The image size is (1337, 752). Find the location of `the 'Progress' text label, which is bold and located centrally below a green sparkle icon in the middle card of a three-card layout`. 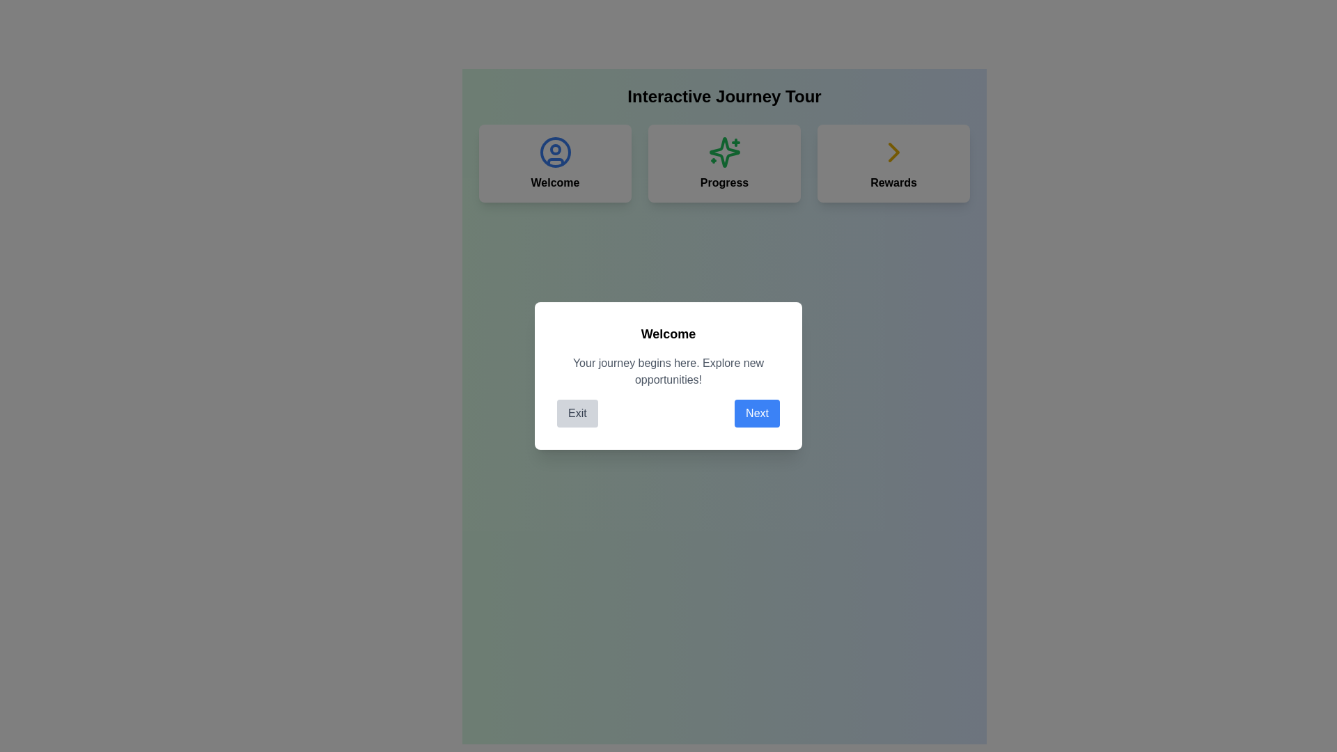

the 'Progress' text label, which is bold and located centrally below a green sparkle icon in the middle card of a three-card layout is located at coordinates (724, 182).